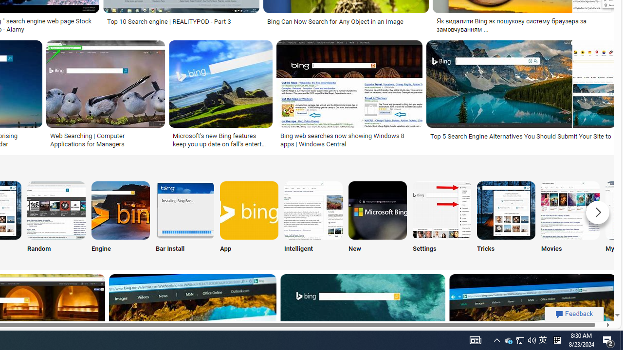  I want to click on 'Top 10 Search engine | REALITYPOD - Part 3', so click(169, 21).